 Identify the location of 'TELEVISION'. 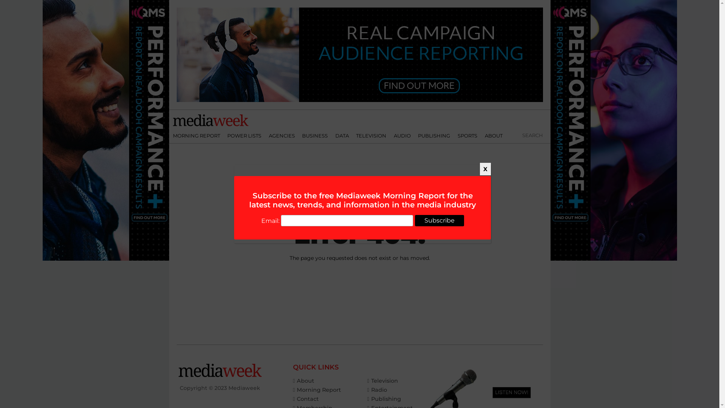
(352, 135).